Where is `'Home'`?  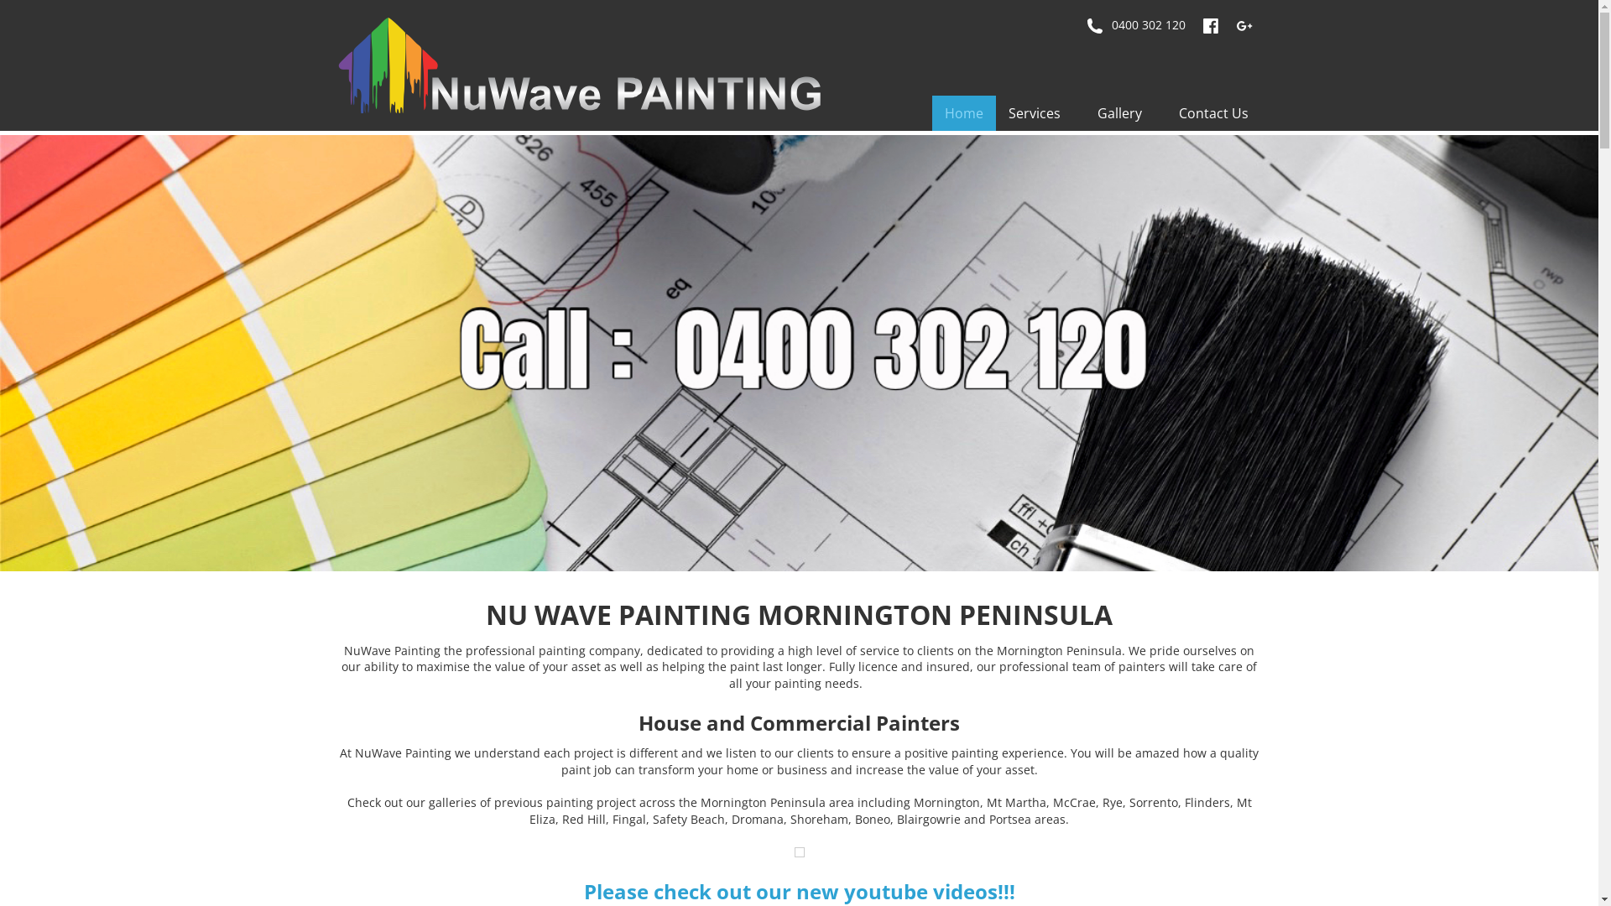
'Home' is located at coordinates (962, 113).